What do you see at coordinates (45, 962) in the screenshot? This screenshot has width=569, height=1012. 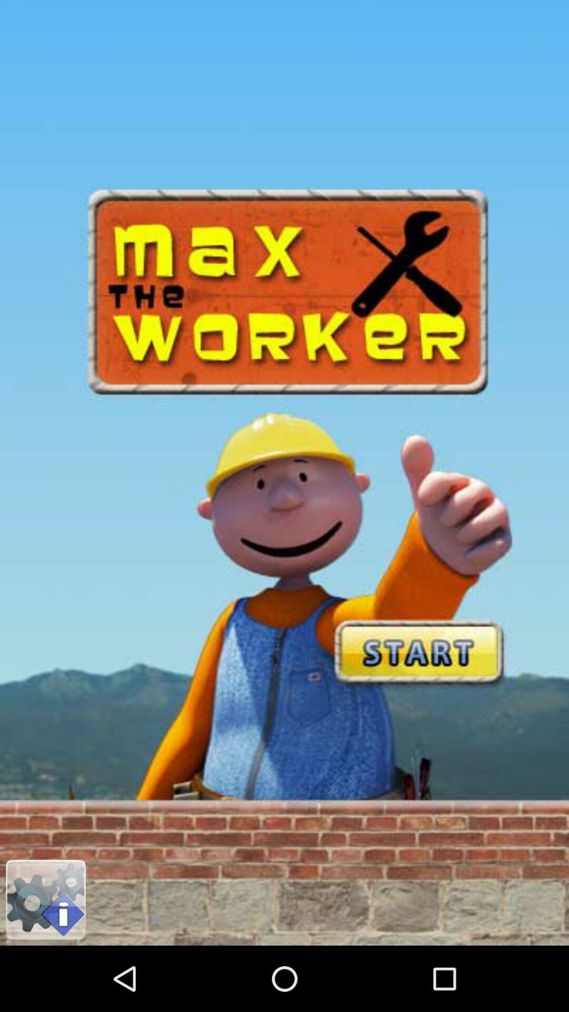 I see `the settings icon` at bounding box center [45, 962].